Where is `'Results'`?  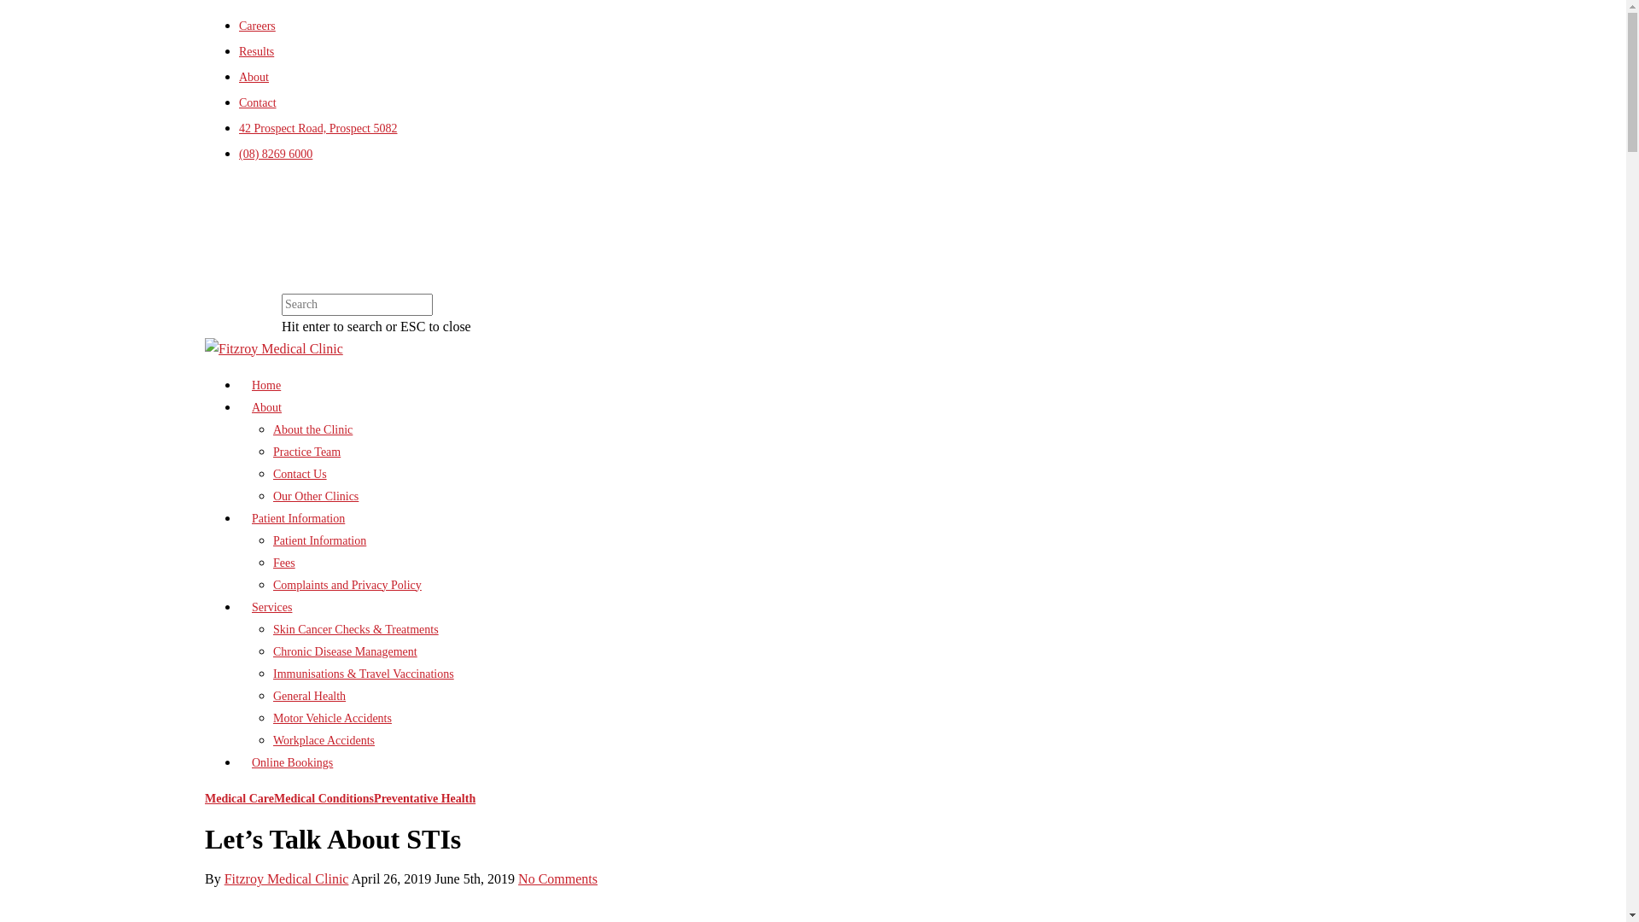 'Results' is located at coordinates (255, 50).